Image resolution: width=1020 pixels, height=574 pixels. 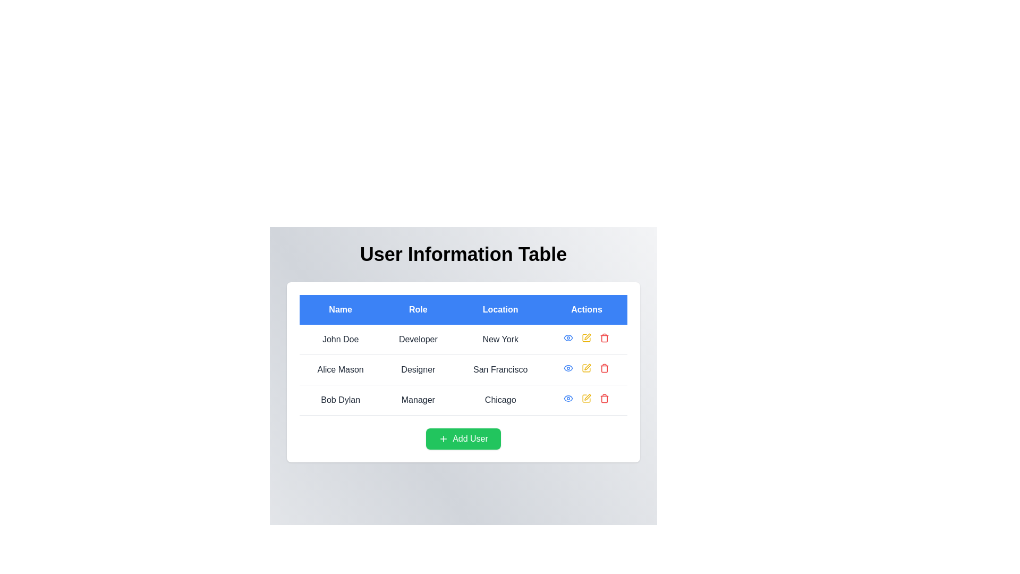 What do you see at coordinates (605, 339) in the screenshot?
I see `the trash can icon representing the delete action for the last row associated with the 'Manager' user role in the 'Actions' column of the table` at bounding box center [605, 339].